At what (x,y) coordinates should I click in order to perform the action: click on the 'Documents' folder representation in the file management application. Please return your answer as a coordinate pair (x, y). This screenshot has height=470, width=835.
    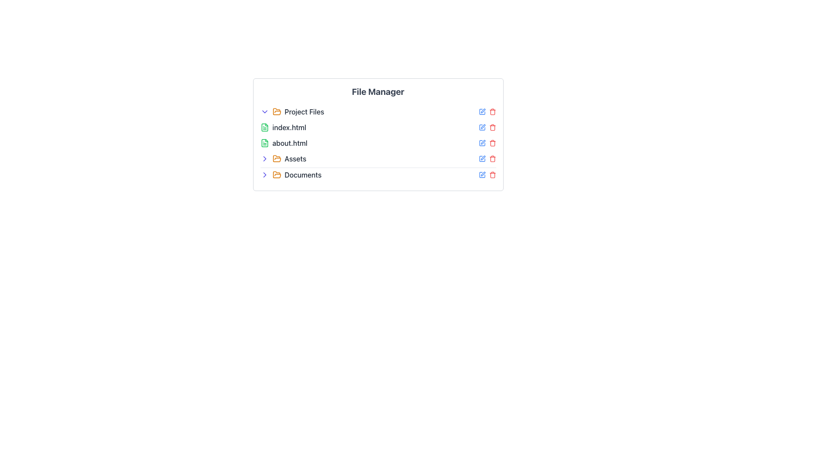
    Looking at the image, I should click on (378, 175).